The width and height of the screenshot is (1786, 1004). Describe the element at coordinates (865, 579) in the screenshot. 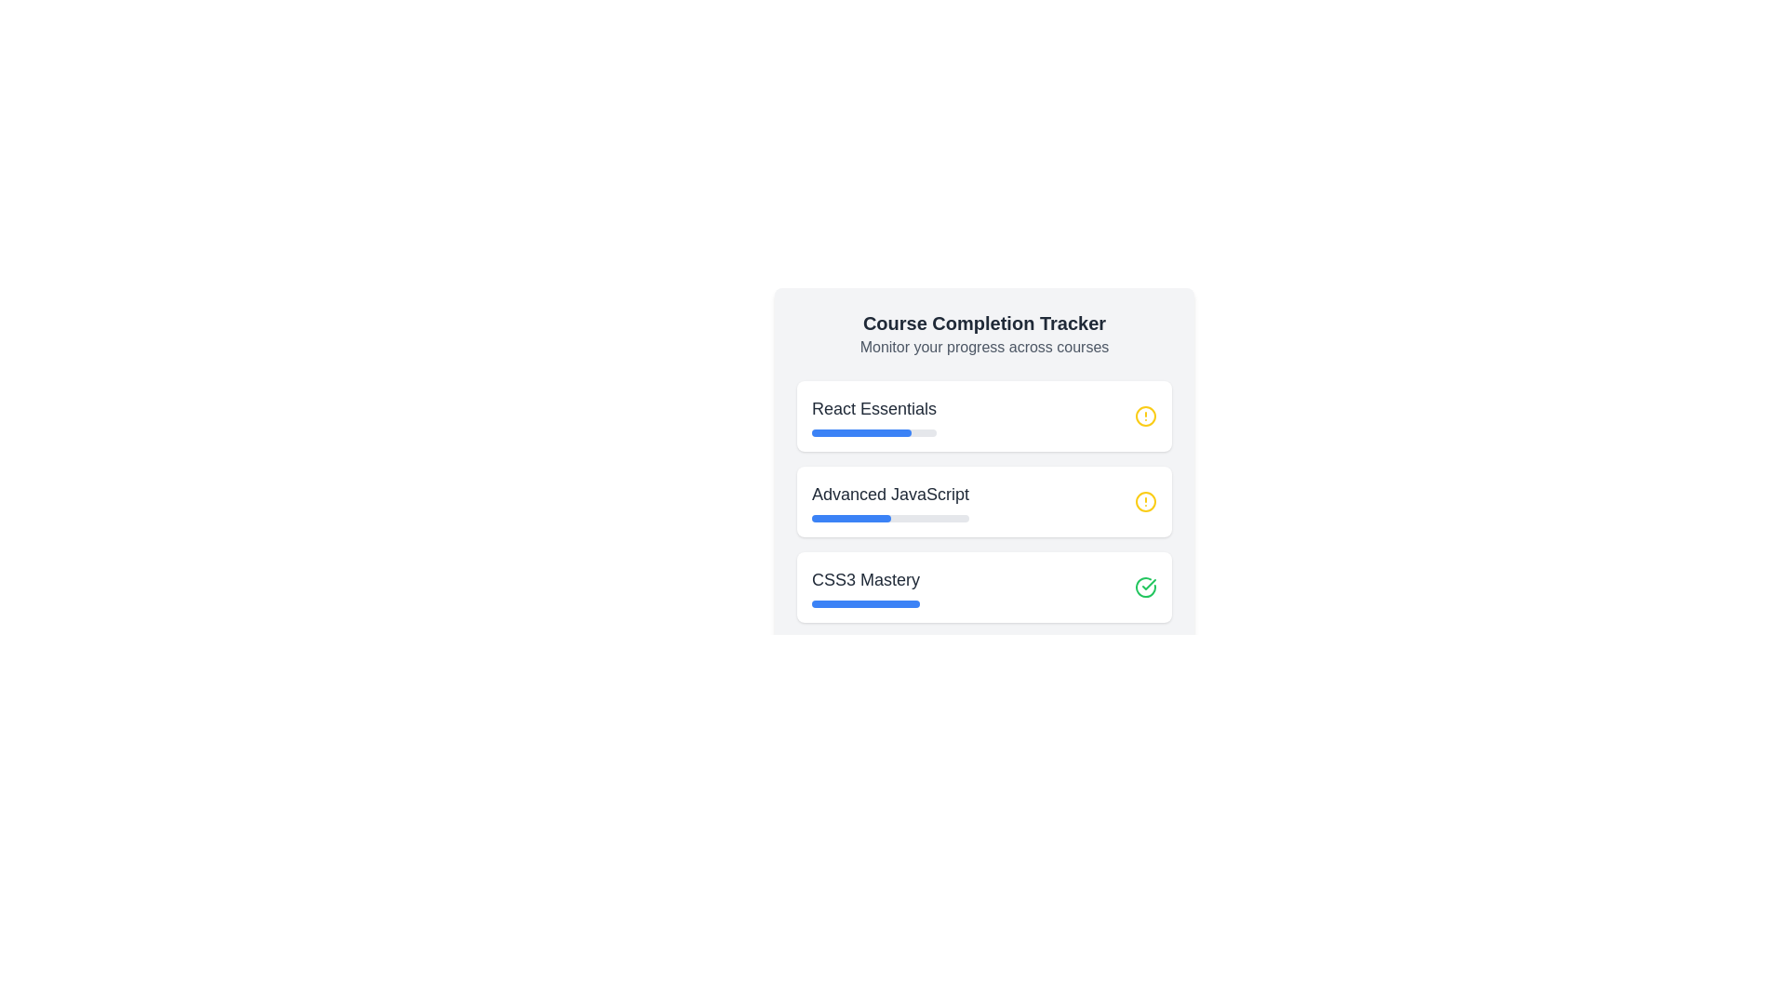

I see `the static text label displaying 'CSS3 Mastery', which is styled with a medium font weight and light gray color, located in the bottommost row of a vertical list above a horizontal blue progress bar` at that location.